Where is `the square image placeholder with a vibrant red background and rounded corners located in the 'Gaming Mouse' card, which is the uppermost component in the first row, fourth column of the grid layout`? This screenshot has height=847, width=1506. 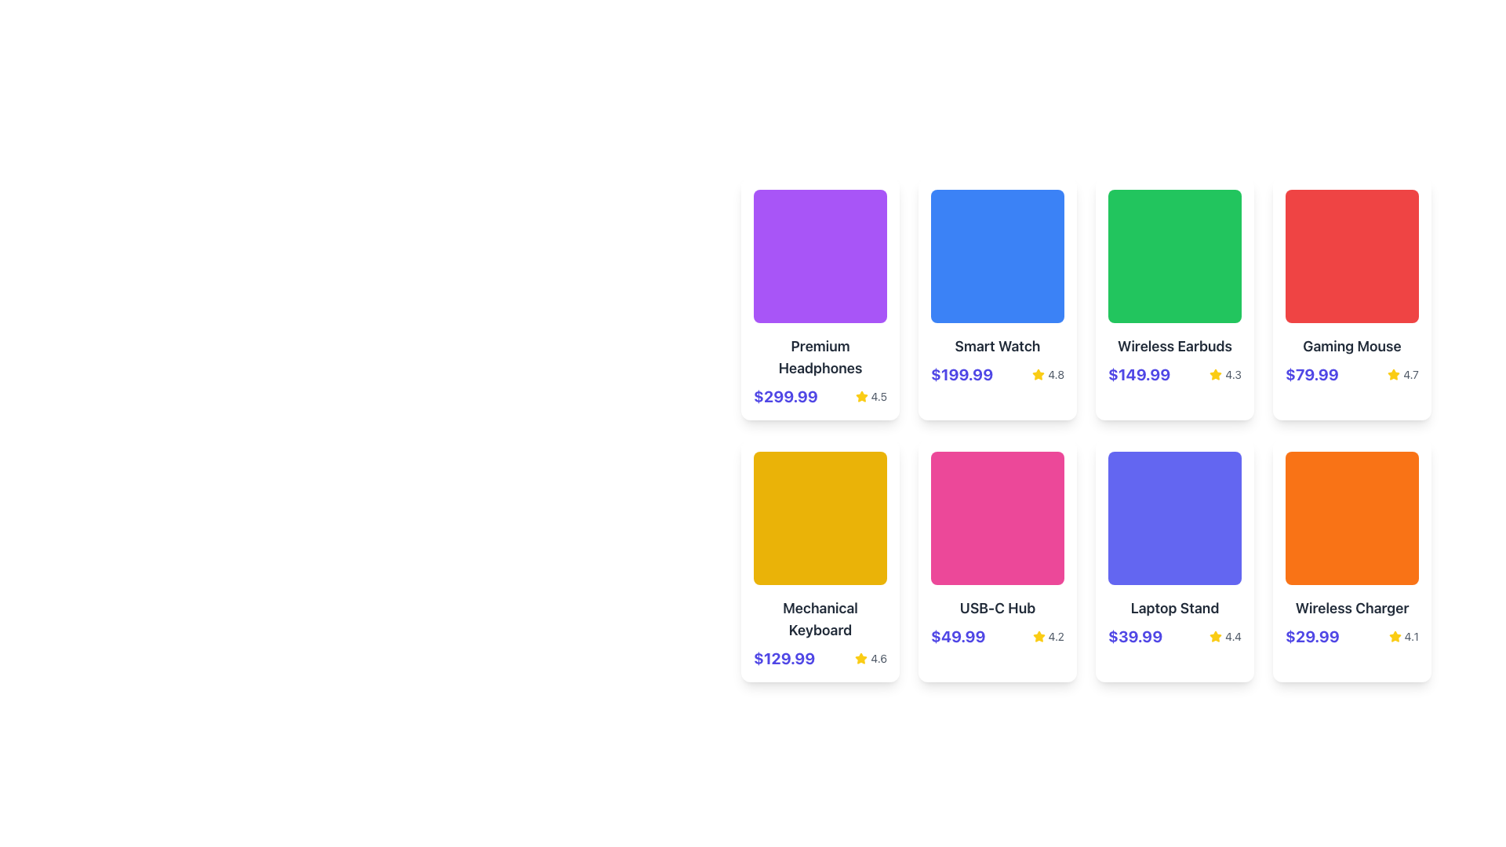 the square image placeholder with a vibrant red background and rounded corners located in the 'Gaming Mouse' card, which is the uppermost component in the first row, fourth column of the grid layout is located at coordinates (1351, 256).